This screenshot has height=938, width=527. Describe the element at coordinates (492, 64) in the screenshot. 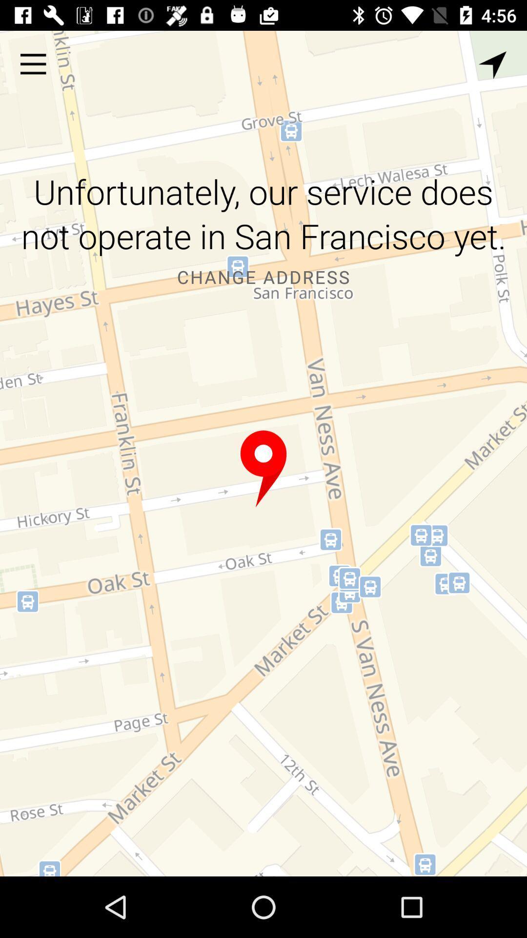

I see `find current location` at that location.